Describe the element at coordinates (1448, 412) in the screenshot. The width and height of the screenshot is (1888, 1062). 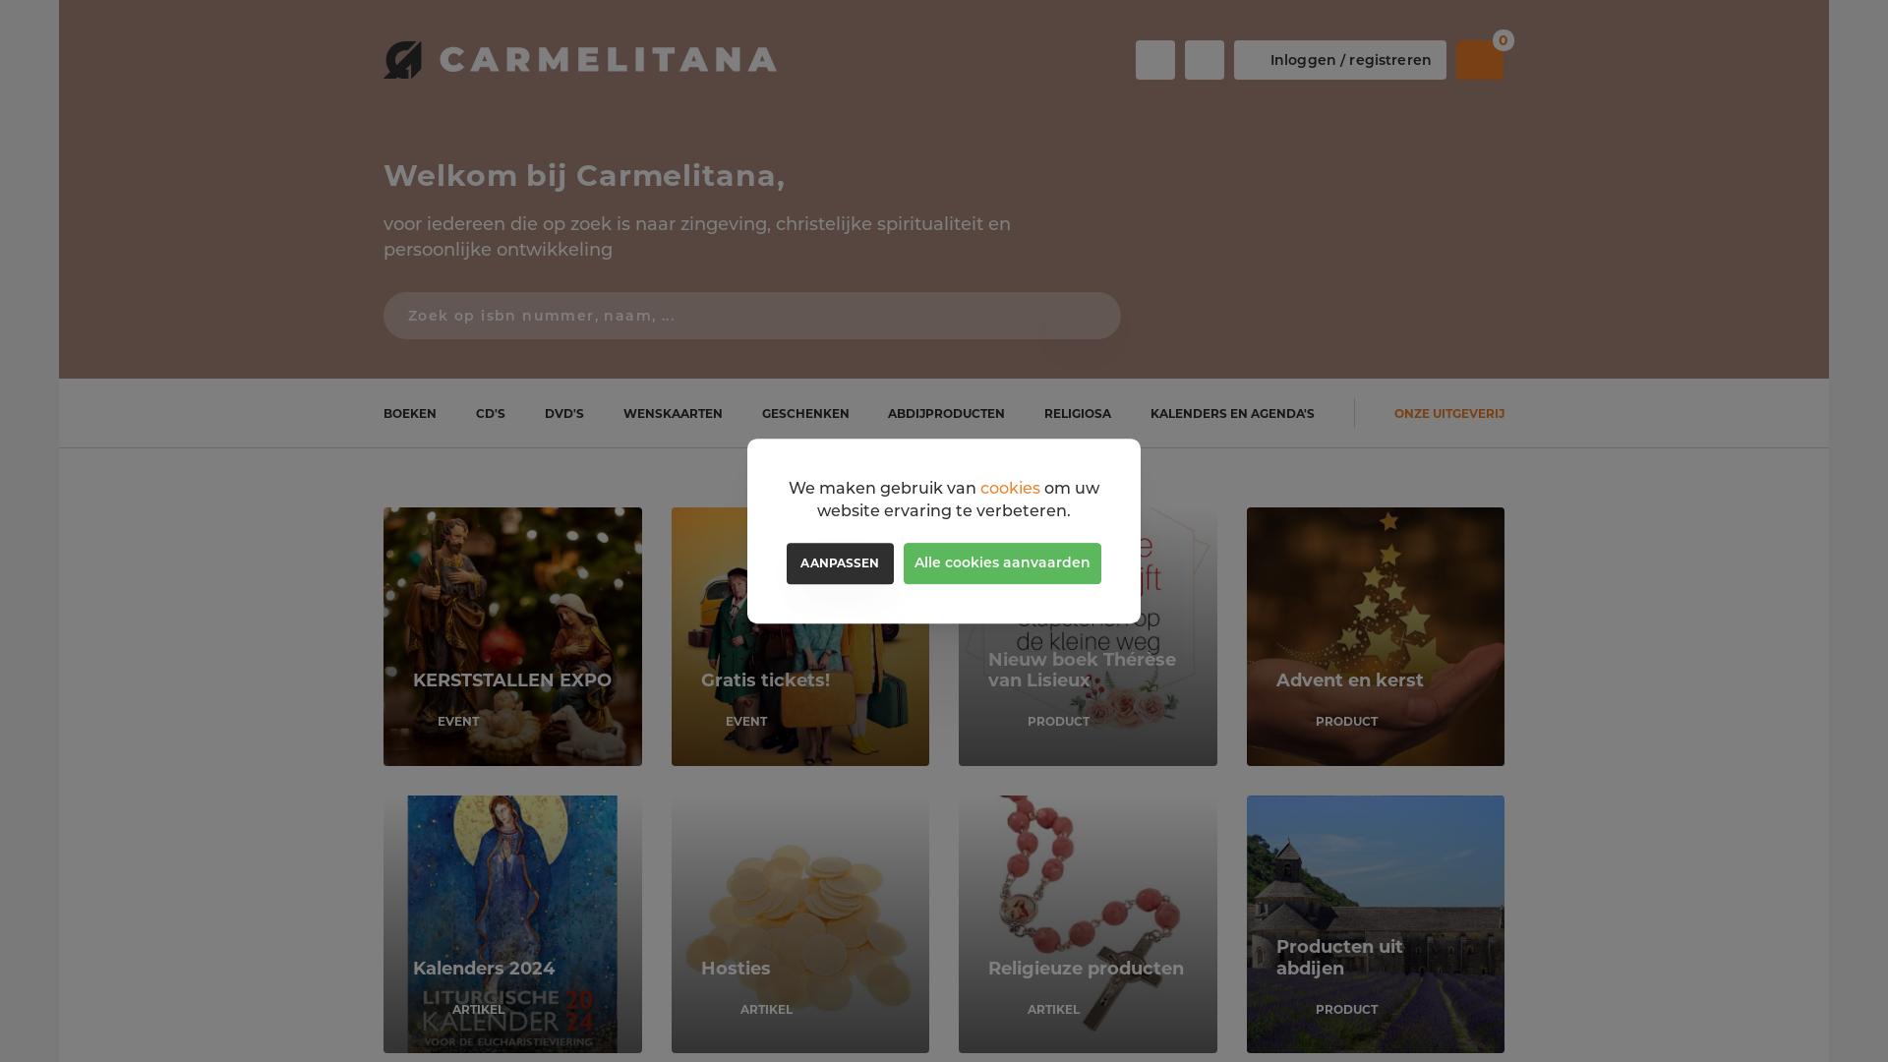
I see `'ONZE UITGEVERIJ'` at that location.